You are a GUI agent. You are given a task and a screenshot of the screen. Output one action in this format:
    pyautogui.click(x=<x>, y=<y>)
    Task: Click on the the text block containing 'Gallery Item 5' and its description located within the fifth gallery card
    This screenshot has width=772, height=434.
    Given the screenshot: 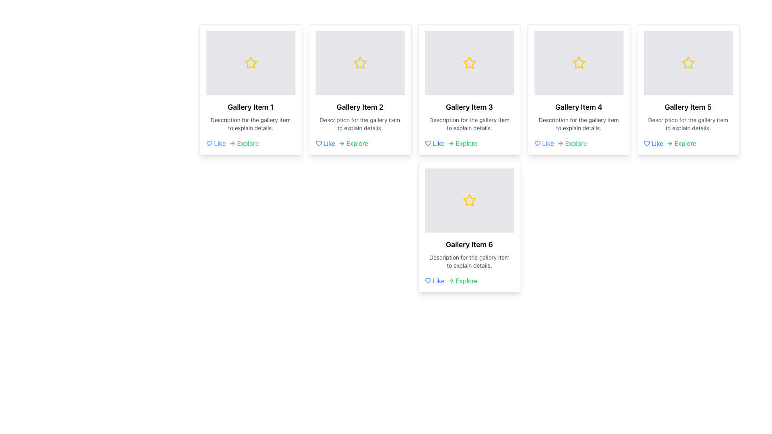 What is the action you would take?
    pyautogui.click(x=688, y=117)
    